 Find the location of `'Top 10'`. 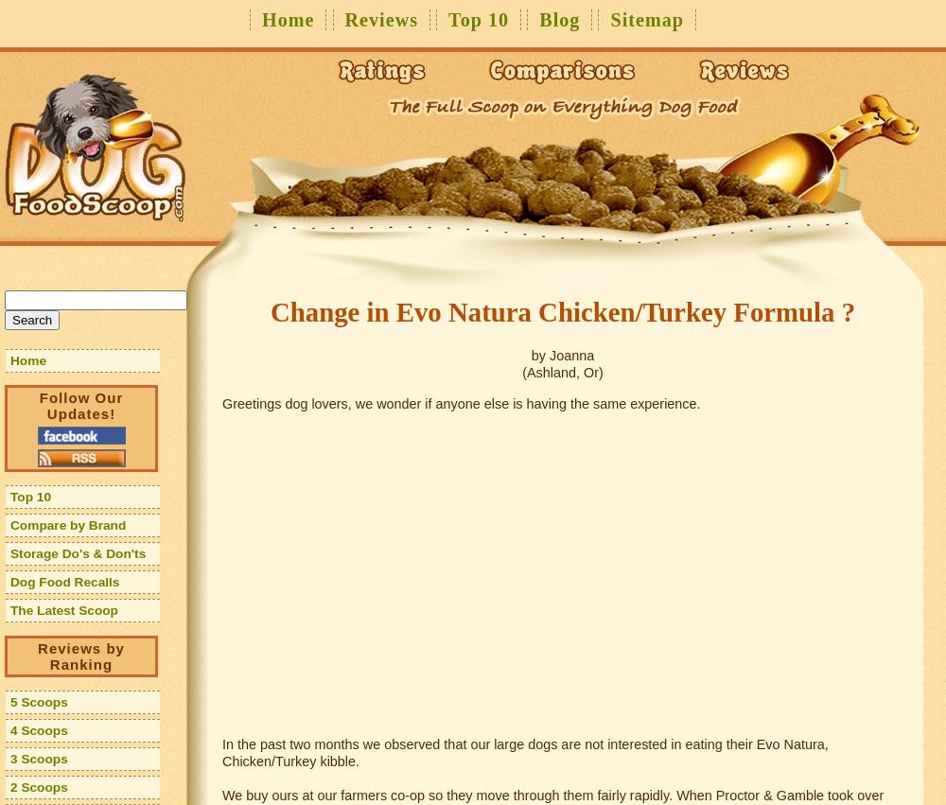

'Top 10' is located at coordinates (30, 497).